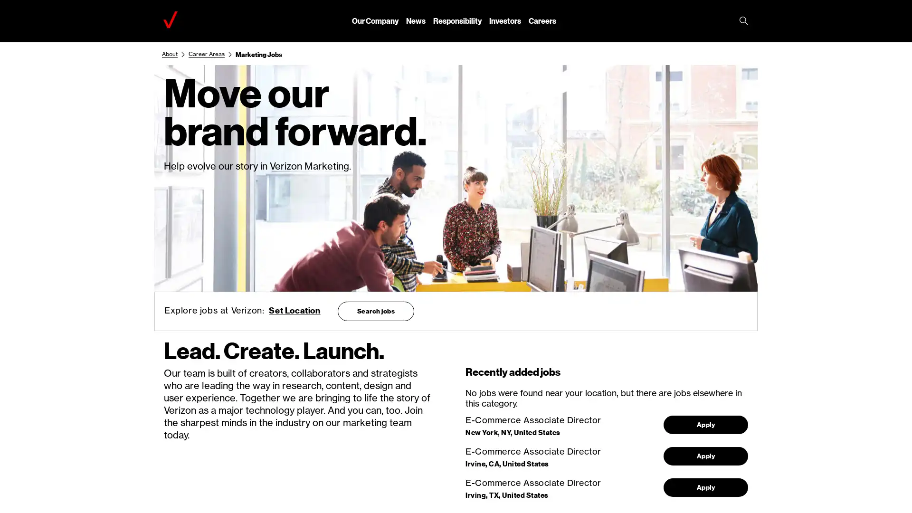 Image resolution: width=912 pixels, height=513 pixels. What do you see at coordinates (504, 20) in the screenshot?
I see `Investors Menu List` at bounding box center [504, 20].